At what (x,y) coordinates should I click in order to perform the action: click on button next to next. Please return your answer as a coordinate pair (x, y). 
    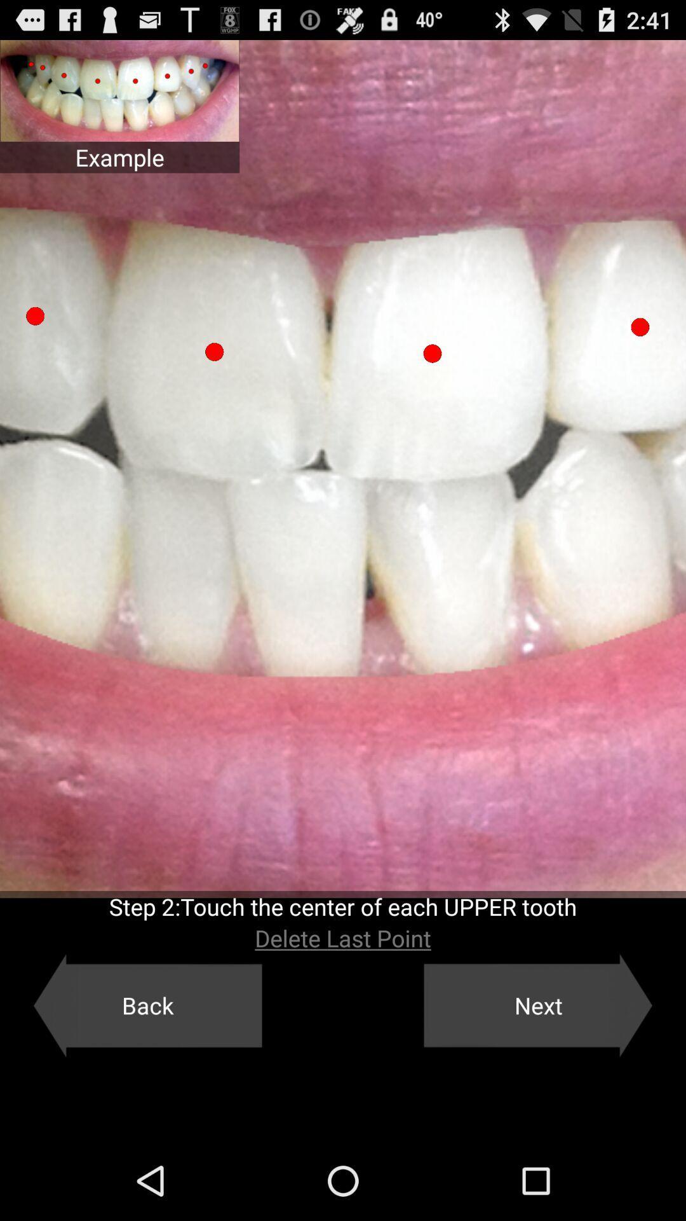
    Looking at the image, I should click on (147, 1005).